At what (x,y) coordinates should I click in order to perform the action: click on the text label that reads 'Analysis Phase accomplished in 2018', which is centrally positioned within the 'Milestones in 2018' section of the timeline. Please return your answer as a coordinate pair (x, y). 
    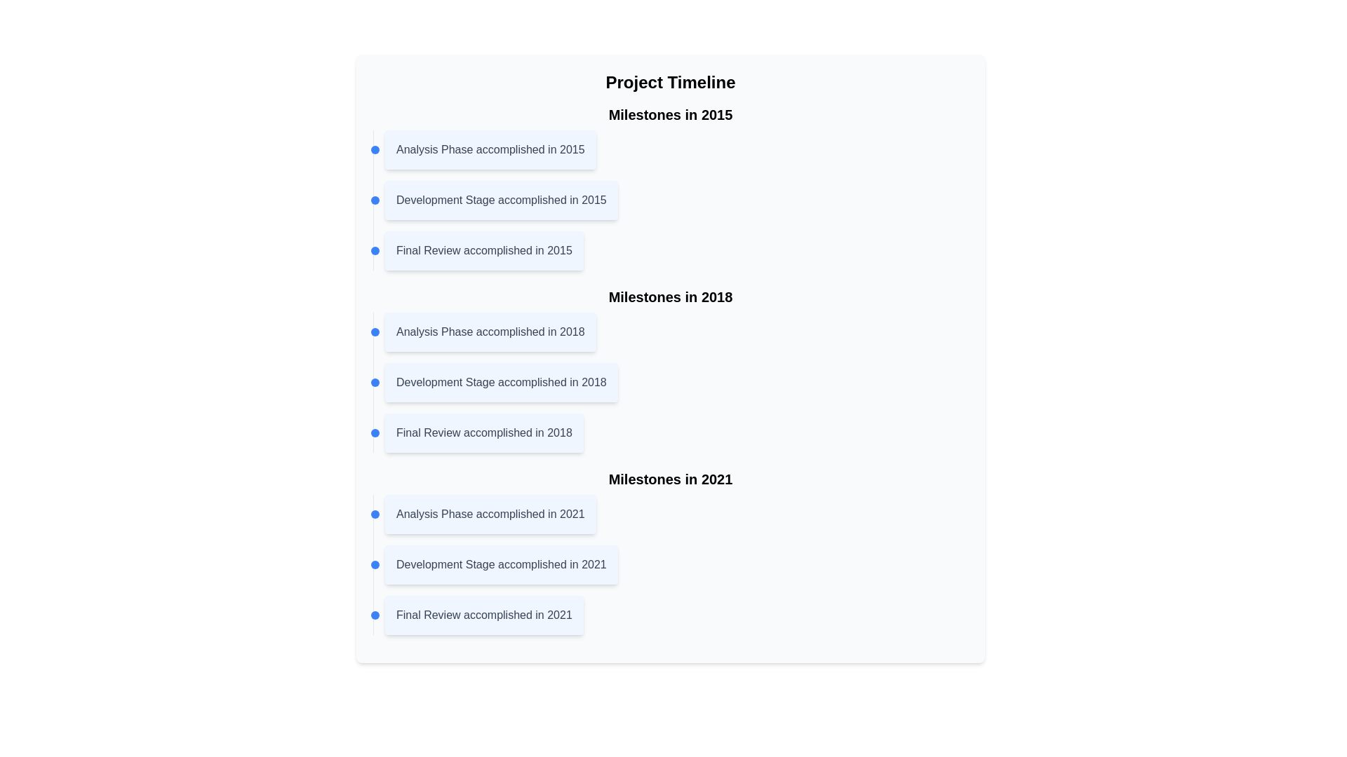
    Looking at the image, I should click on (490, 332).